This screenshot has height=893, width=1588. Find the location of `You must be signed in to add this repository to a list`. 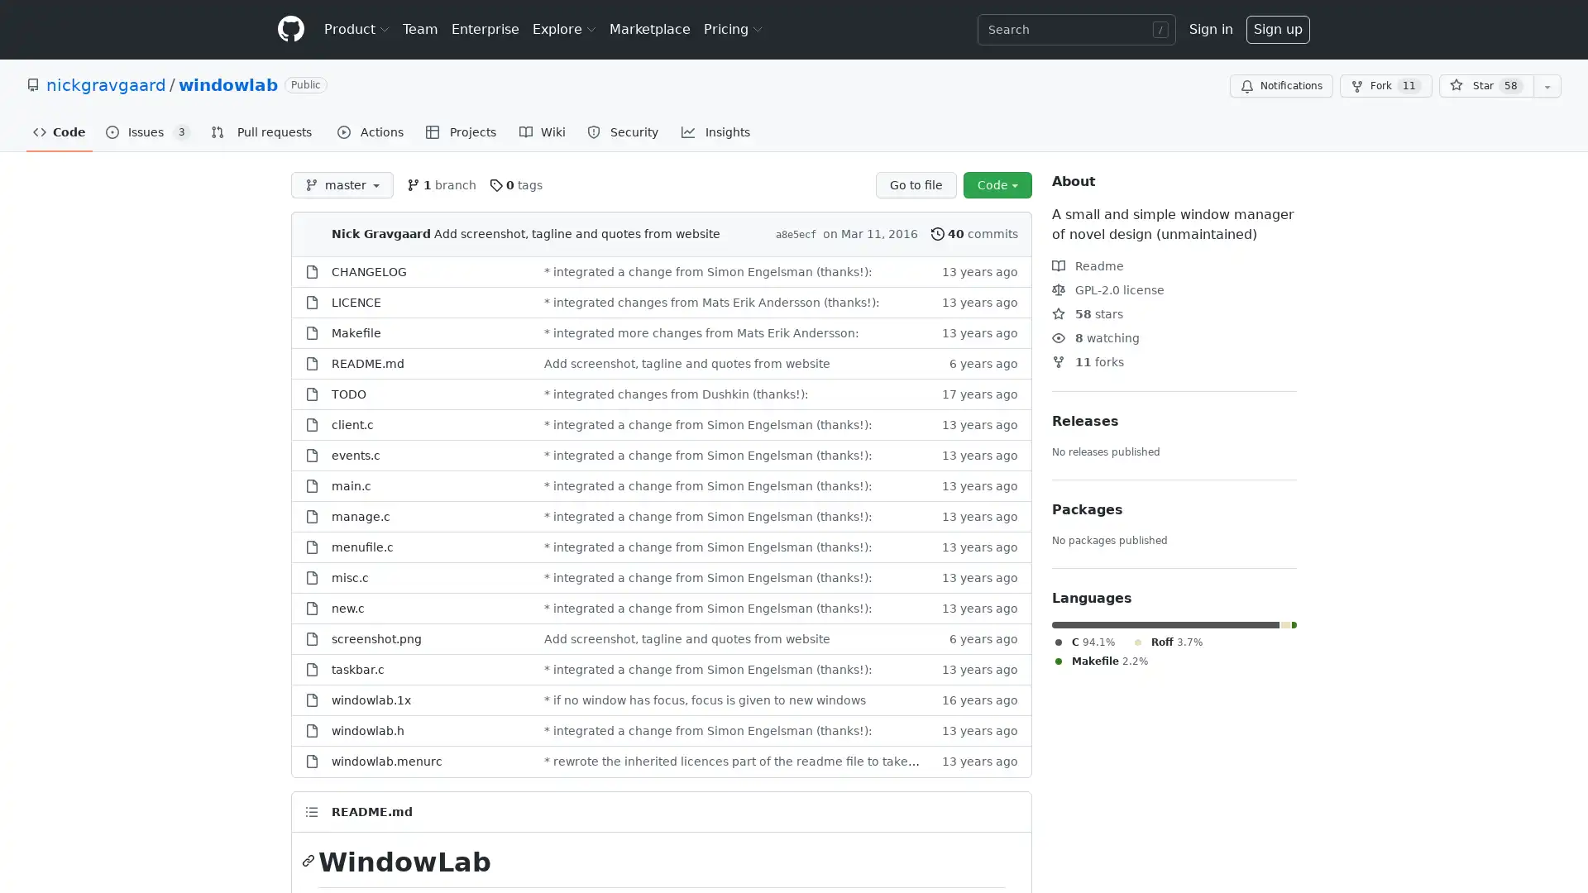

You must be signed in to add this repository to a list is located at coordinates (1547, 86).